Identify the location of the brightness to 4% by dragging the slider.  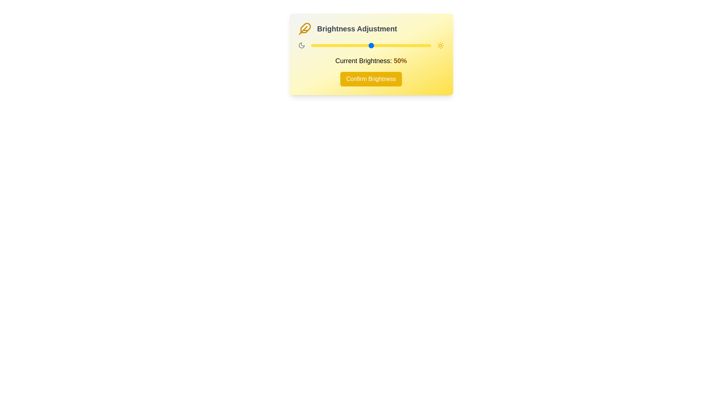
(316, 45).